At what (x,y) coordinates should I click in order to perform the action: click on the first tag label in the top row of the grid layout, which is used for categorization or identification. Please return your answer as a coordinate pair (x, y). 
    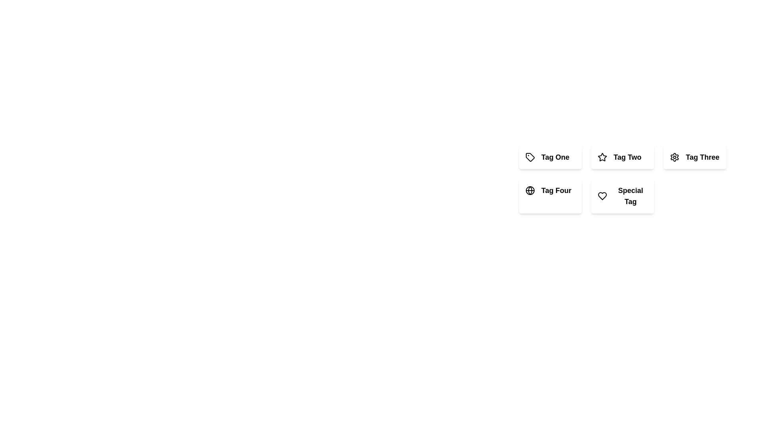
    Looking at the image, I should click on (555, 157).